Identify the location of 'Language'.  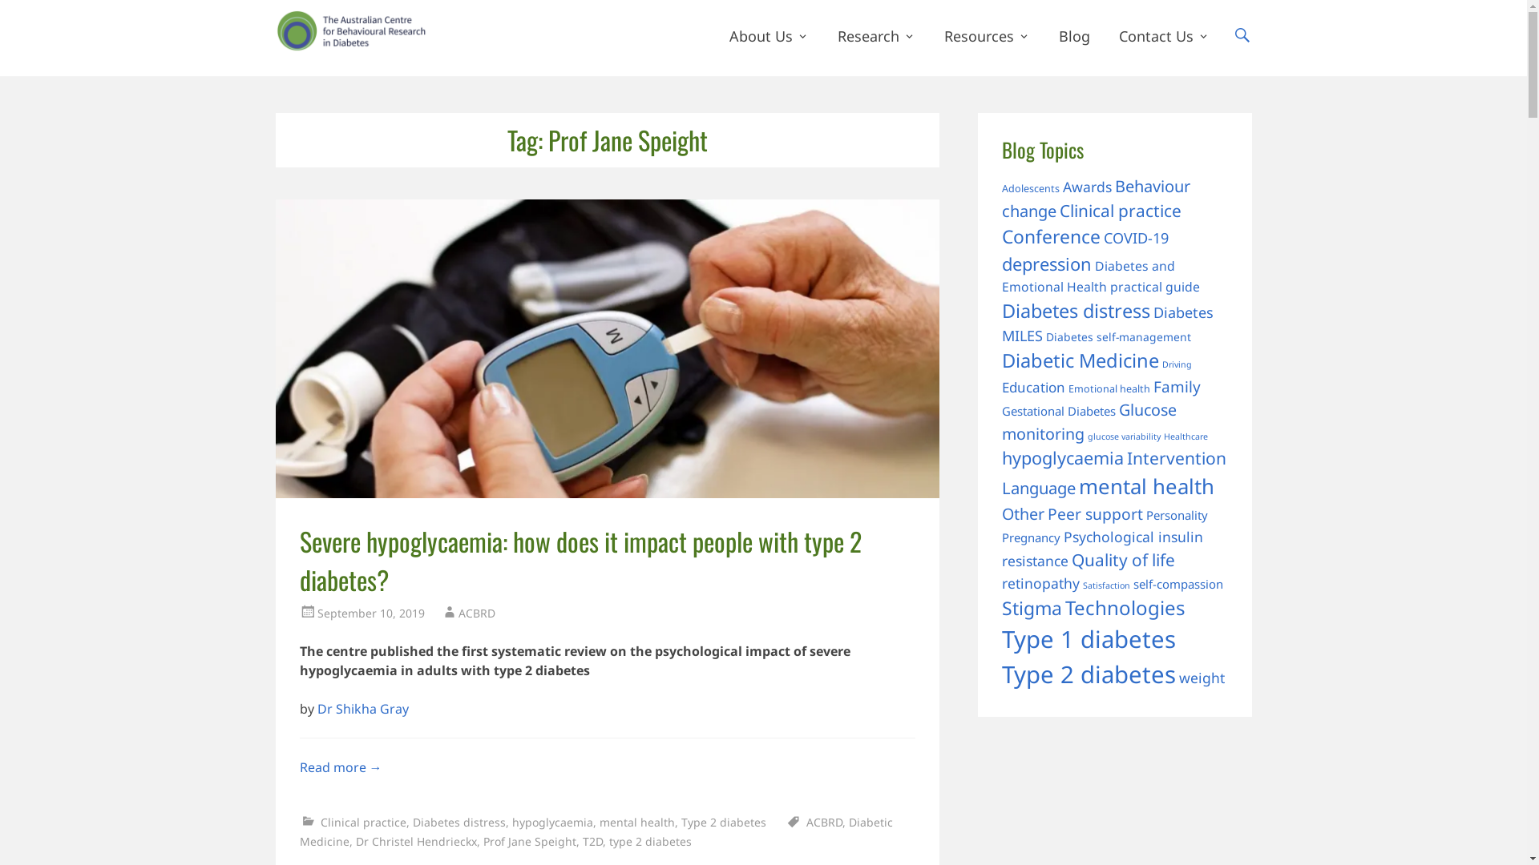
(1039, 487).